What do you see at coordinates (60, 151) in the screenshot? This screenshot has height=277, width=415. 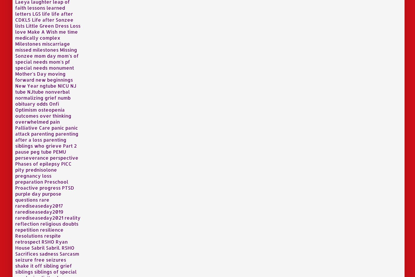 I see `'PEMU'` at bounding box center [60, 151].